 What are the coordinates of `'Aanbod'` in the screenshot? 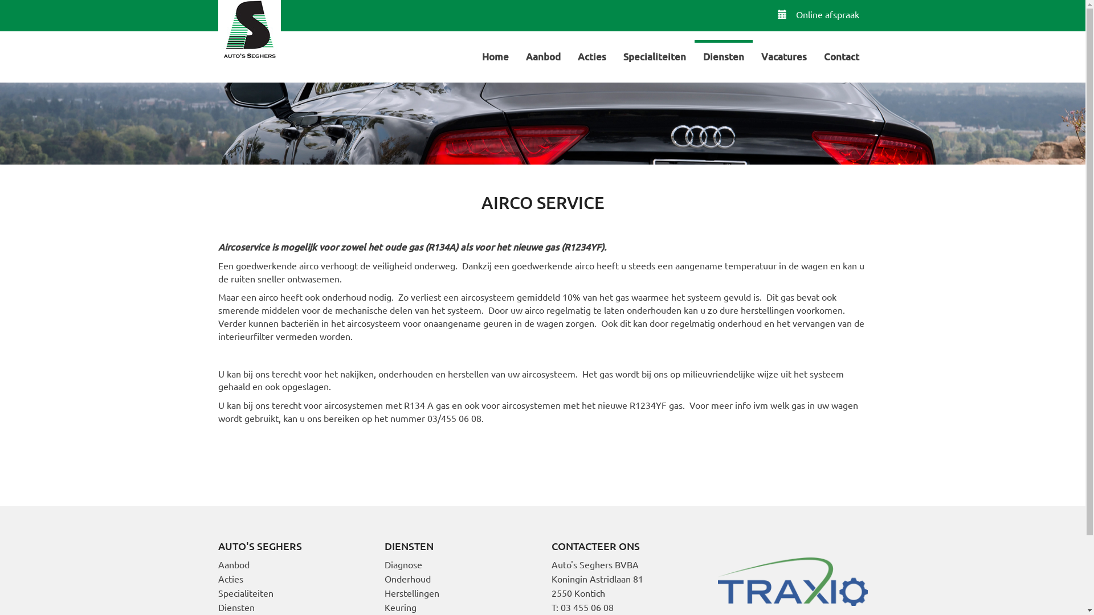 It's located at (542, 55).